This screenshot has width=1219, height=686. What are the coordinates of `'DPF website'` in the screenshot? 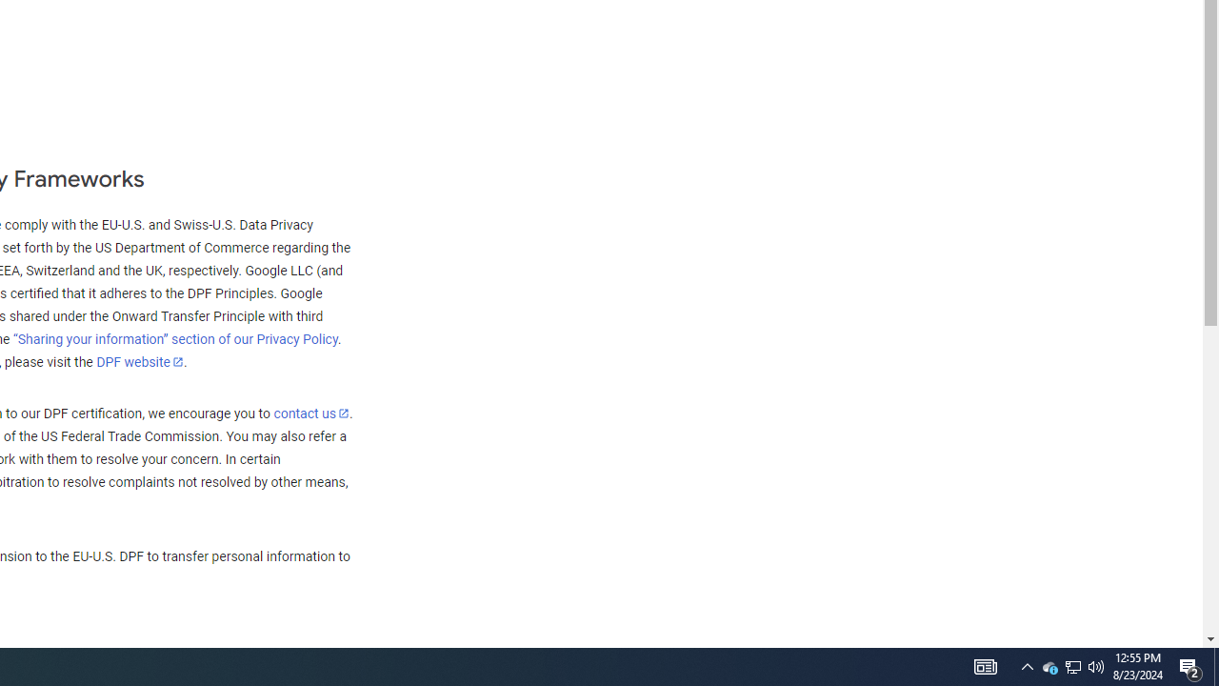 It's located at (139, 361).